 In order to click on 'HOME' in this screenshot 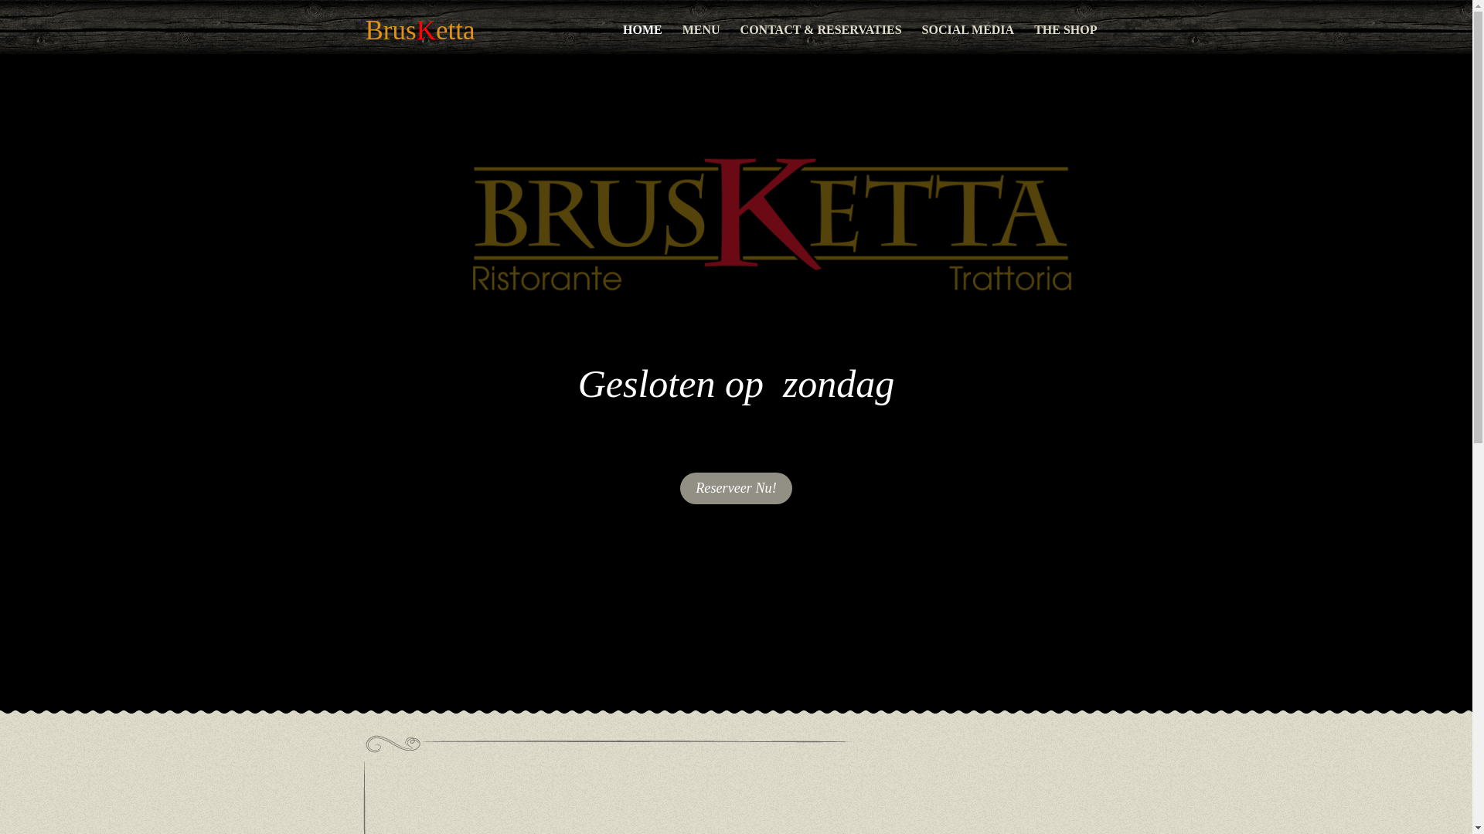, I will do `click(642, 30)`.